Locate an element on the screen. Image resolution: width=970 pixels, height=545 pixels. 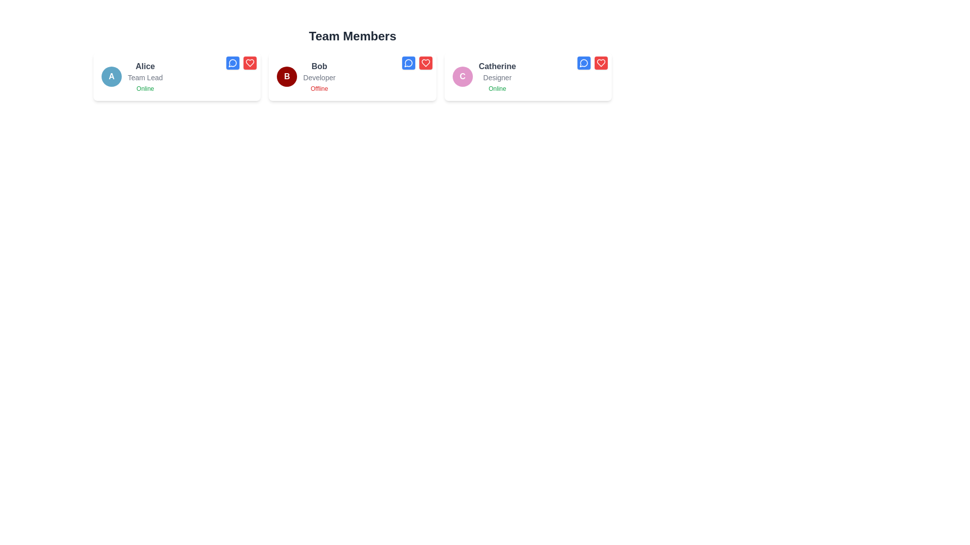
text label displaying 'Online' in green color, located at the bottom of the text group beneath 'Designer' and 'Catherine' within the information card for 'Catherine' is located at coordinates (497, 88).